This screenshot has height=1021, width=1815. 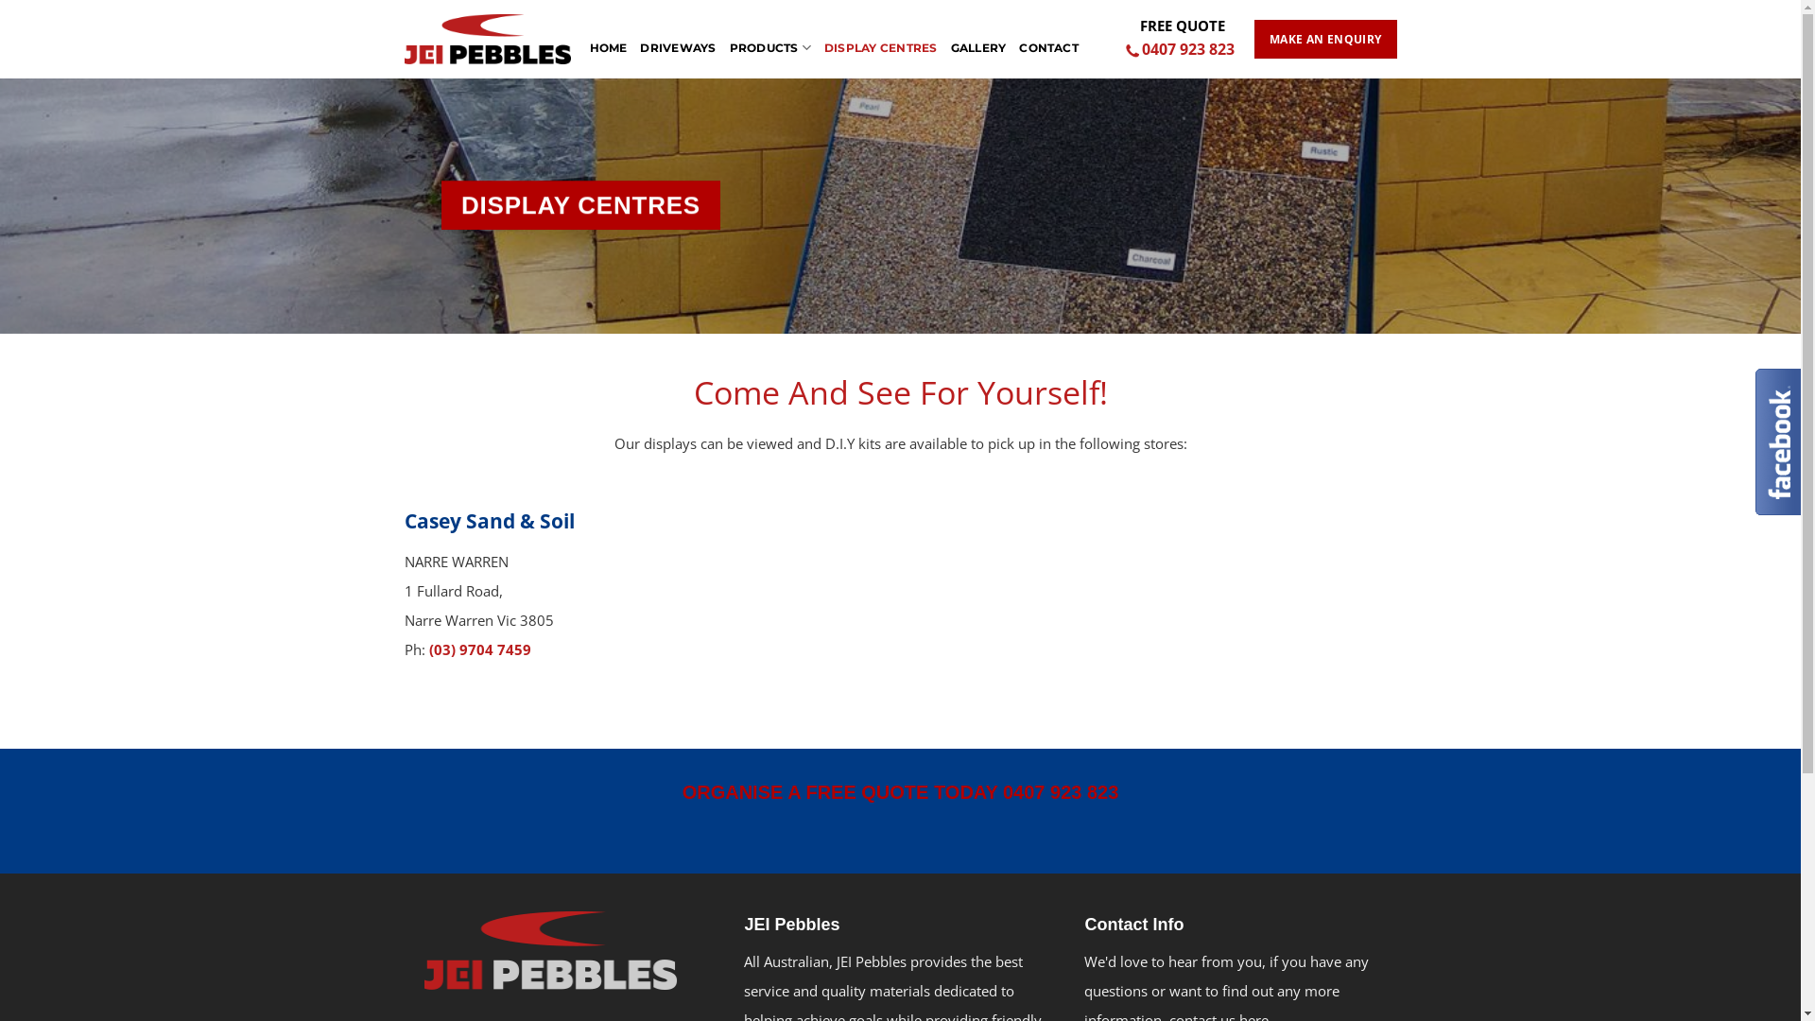 I want to click on '0407 923 823', so click(x=1181, y=49).